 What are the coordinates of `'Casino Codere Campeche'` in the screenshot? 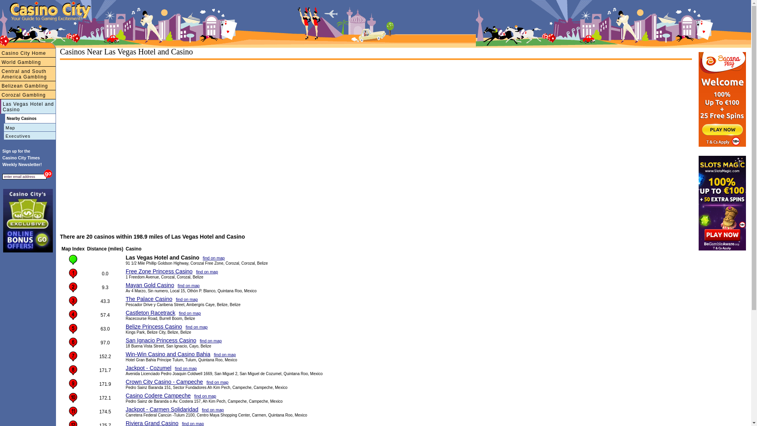 It's located at (158, 395).